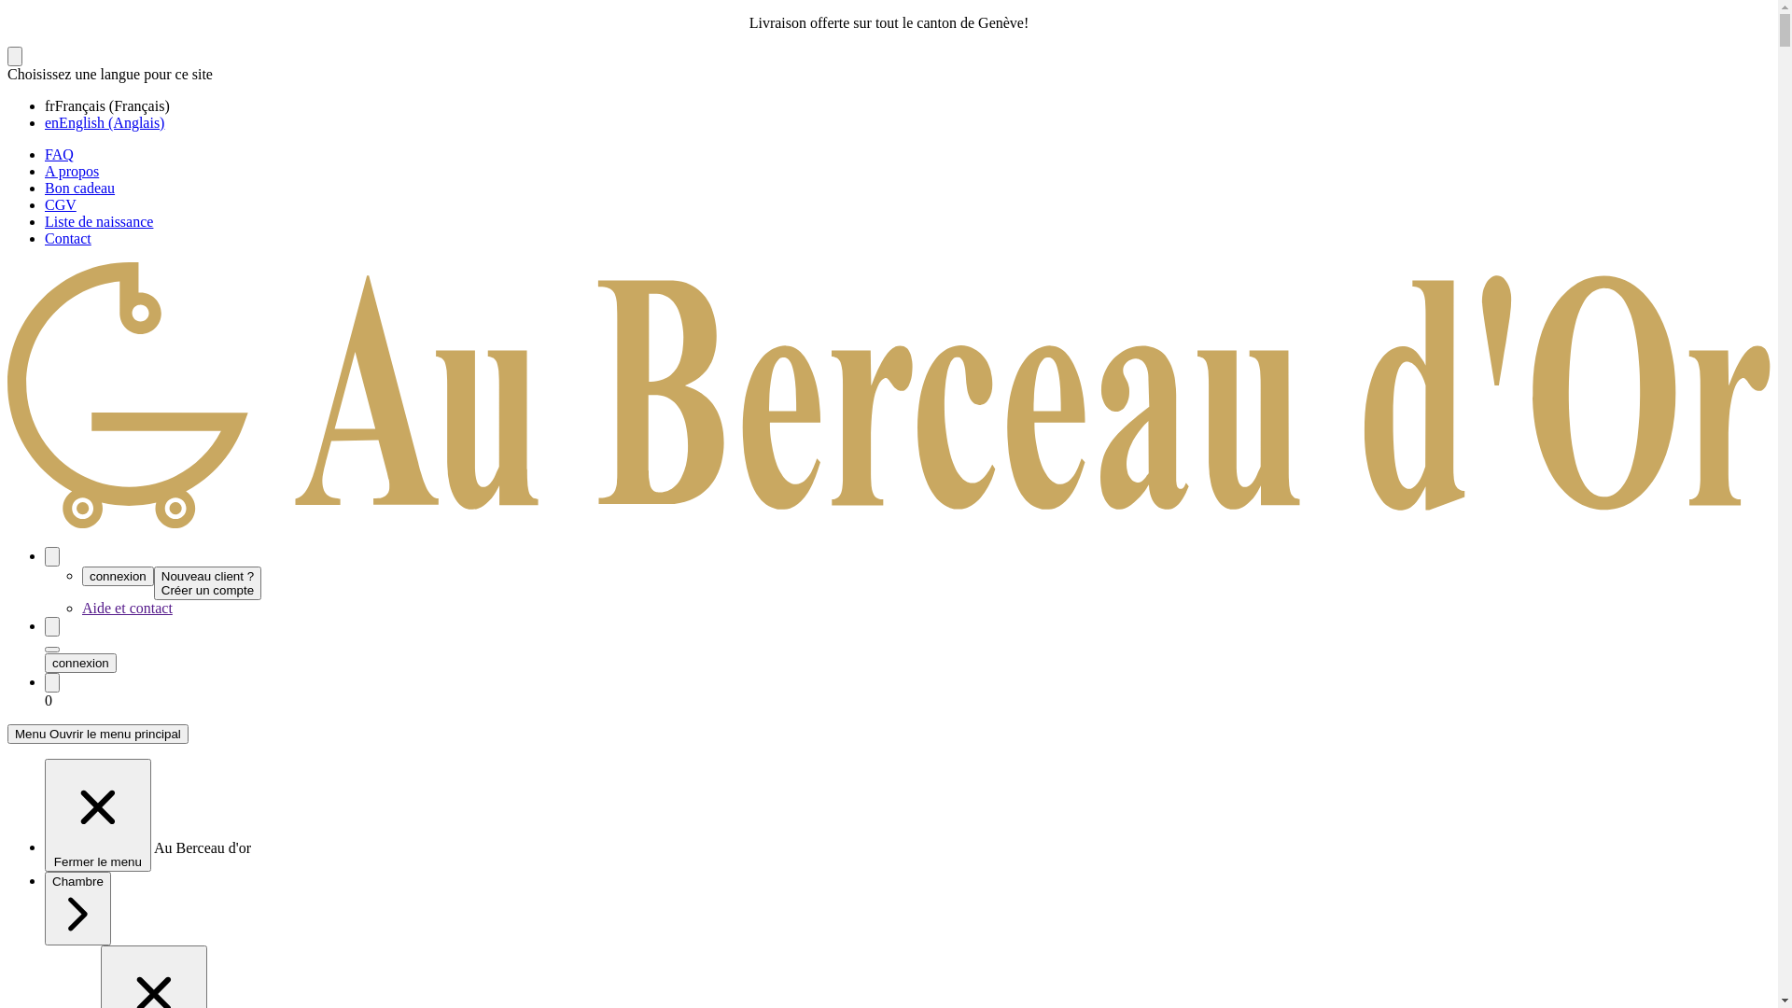  I want to click on 'FAQ', so click(59, 153).